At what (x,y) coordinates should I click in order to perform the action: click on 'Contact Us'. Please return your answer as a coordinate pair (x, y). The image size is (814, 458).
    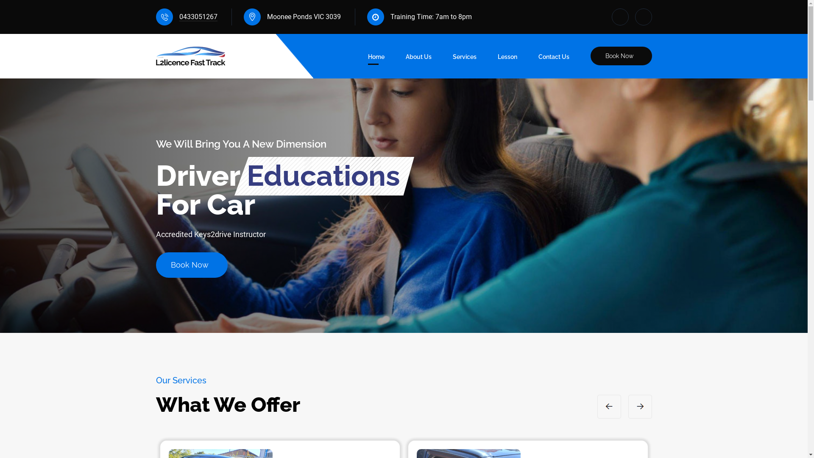
    Looking at the image, I should click on (538, 58).